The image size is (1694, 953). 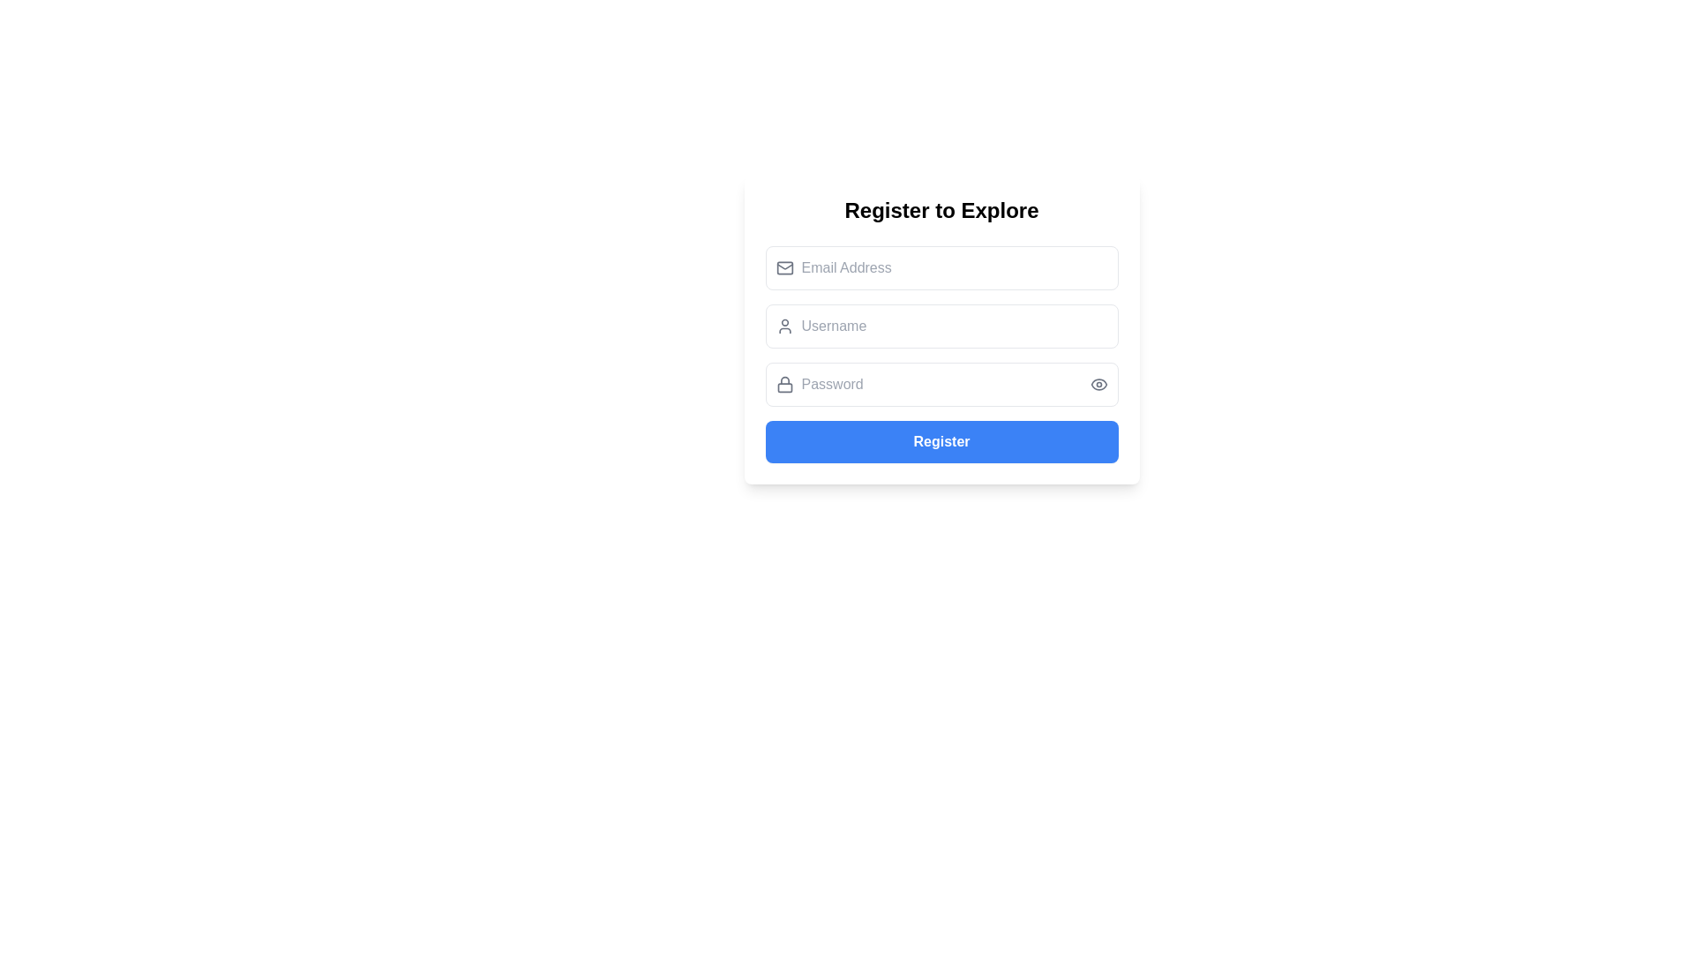 I want to click on the curved line resembling a part of an envelope flap within the email address input field of the registration form, so click(x=783, y=266).